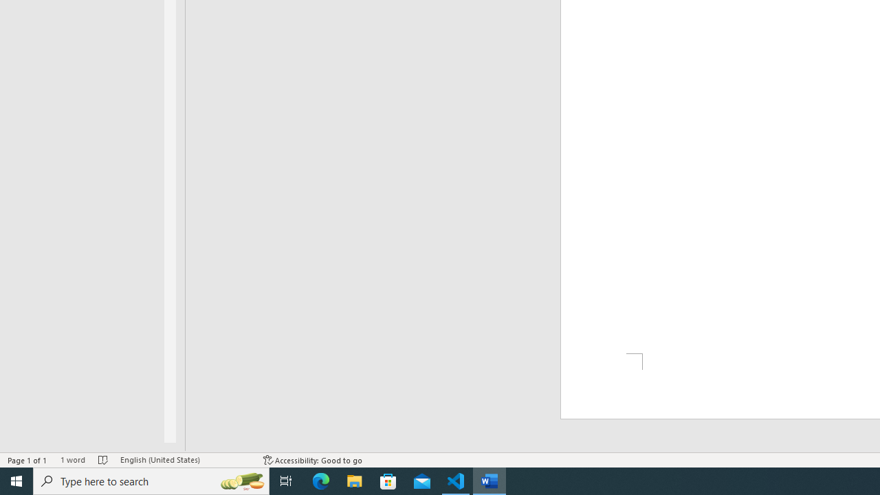 The height and width of the screenshot is (495, 880). I want to click on 'Language English (United States)', so click(184, 460).